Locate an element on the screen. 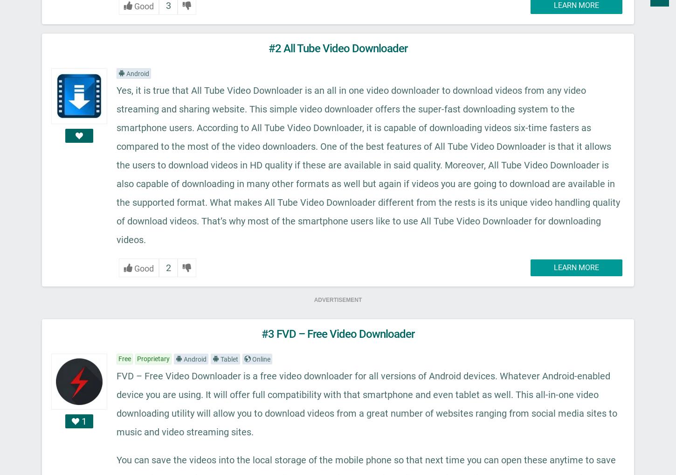 This screenshot has height=475, width=676. 'Free' is located at coordinates (124, 358).